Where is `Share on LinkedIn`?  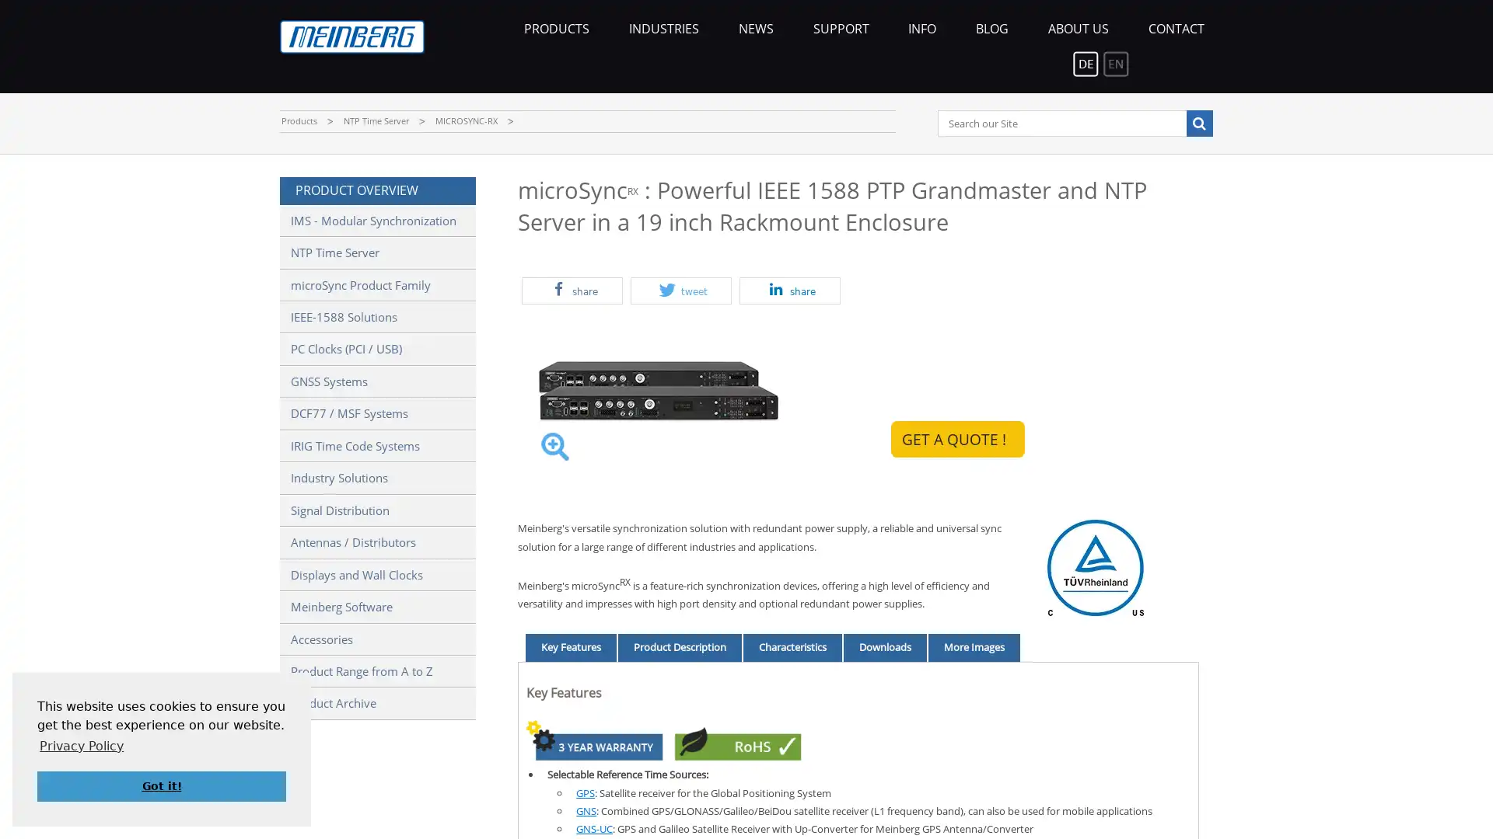
Share on LinkedIn is located at coordinates (790, 291).